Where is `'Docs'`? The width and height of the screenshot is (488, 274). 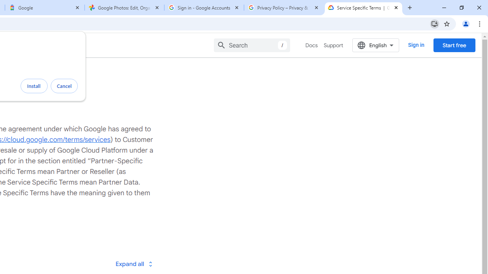 'Docs' is located at coordinates (311, 45).